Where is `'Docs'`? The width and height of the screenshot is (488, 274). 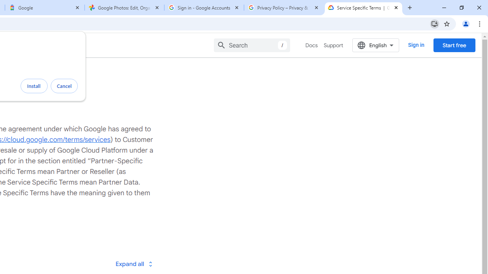 'Docs' is located at coordinates (311, 45).